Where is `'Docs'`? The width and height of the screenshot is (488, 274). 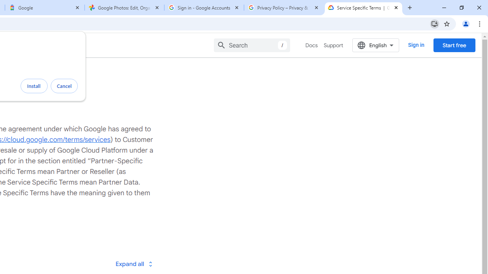 'Docs' is located at coordinates (311, 45).